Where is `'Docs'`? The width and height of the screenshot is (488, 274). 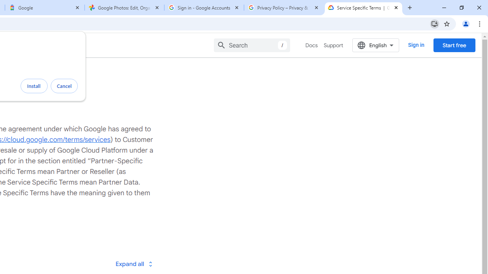 'Docs' is located at coordinates (311, 45).